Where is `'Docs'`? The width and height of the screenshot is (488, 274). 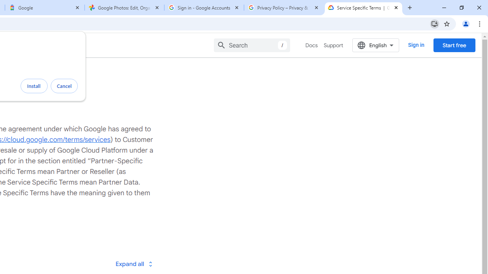 'Docs' is located at coordinates (311, 45).